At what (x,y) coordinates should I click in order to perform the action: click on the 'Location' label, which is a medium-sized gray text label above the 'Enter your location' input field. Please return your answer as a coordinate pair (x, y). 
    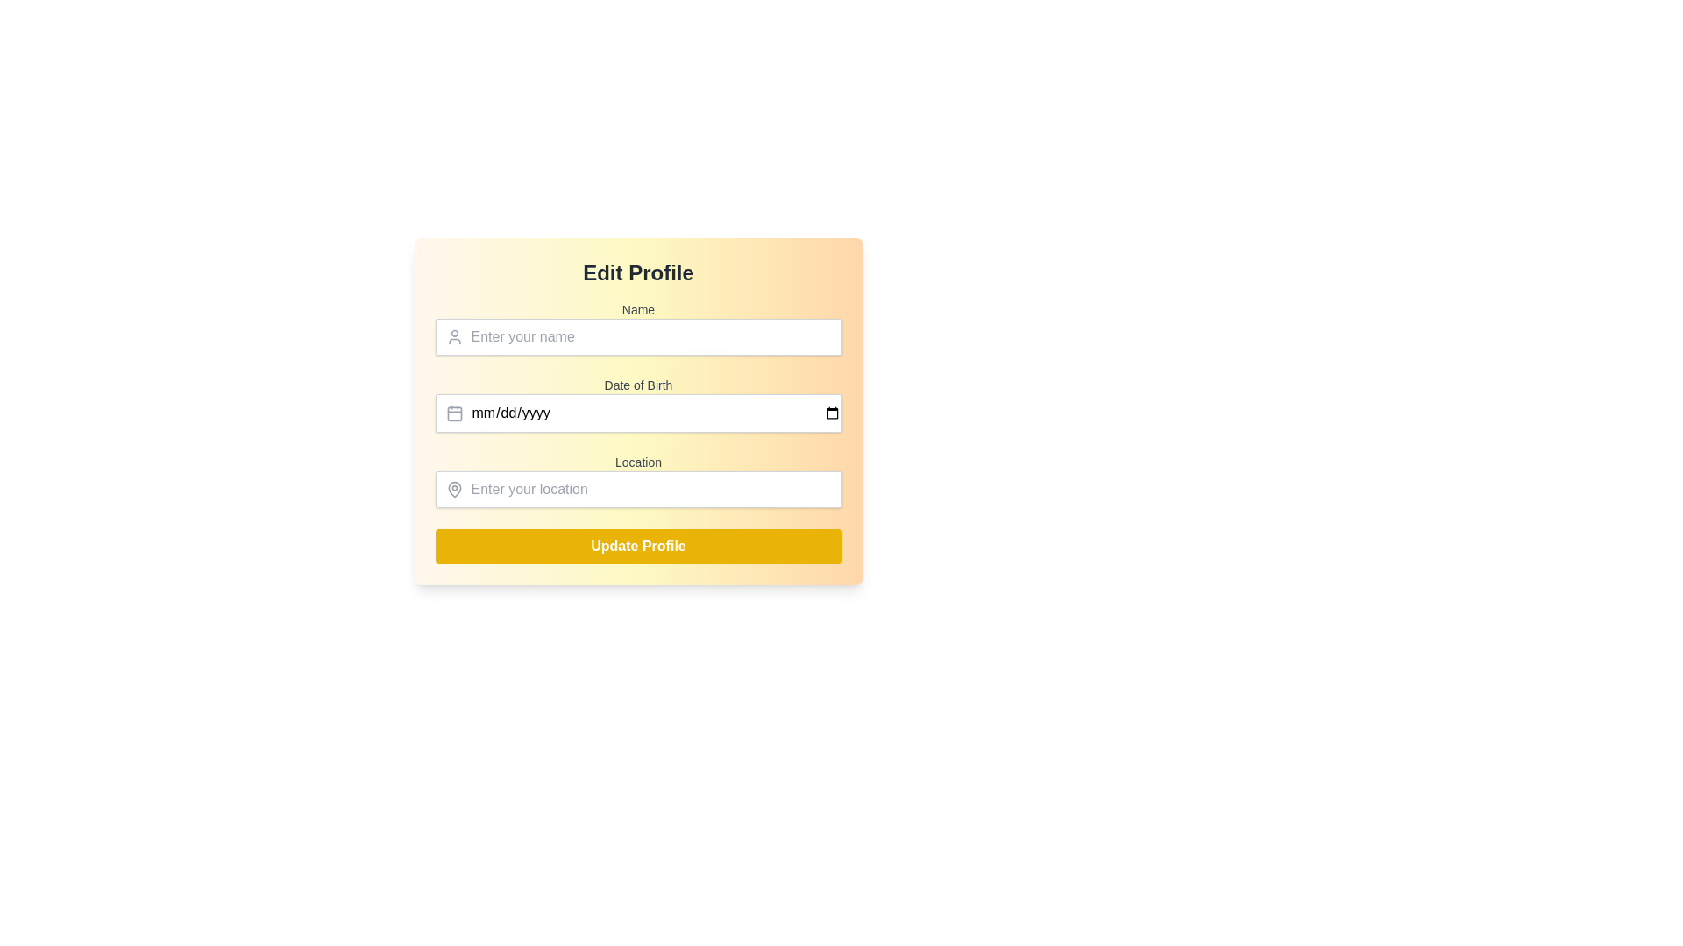
    Looking at the image, I should click on (637, 462).